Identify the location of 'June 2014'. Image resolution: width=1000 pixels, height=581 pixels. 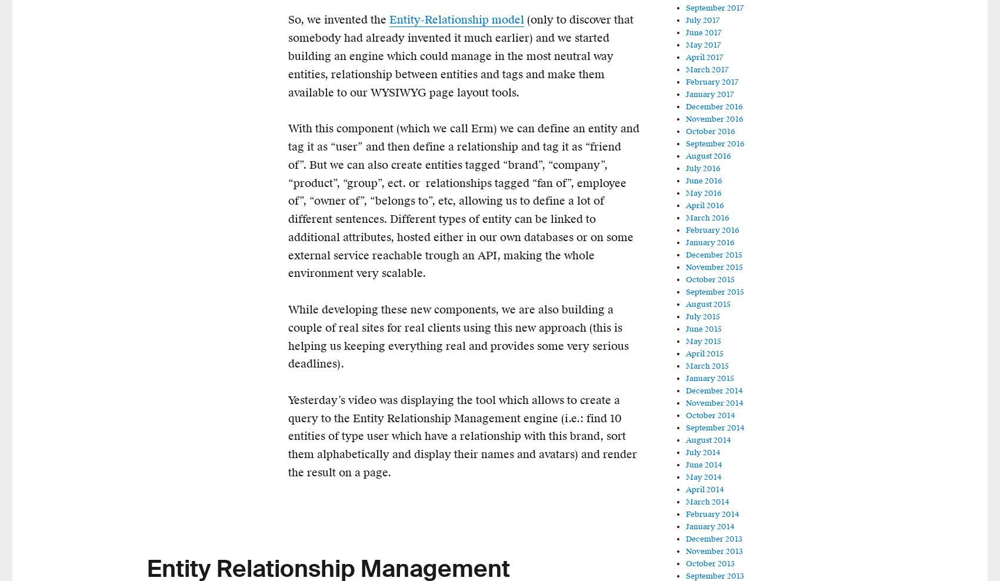
(703, 464).